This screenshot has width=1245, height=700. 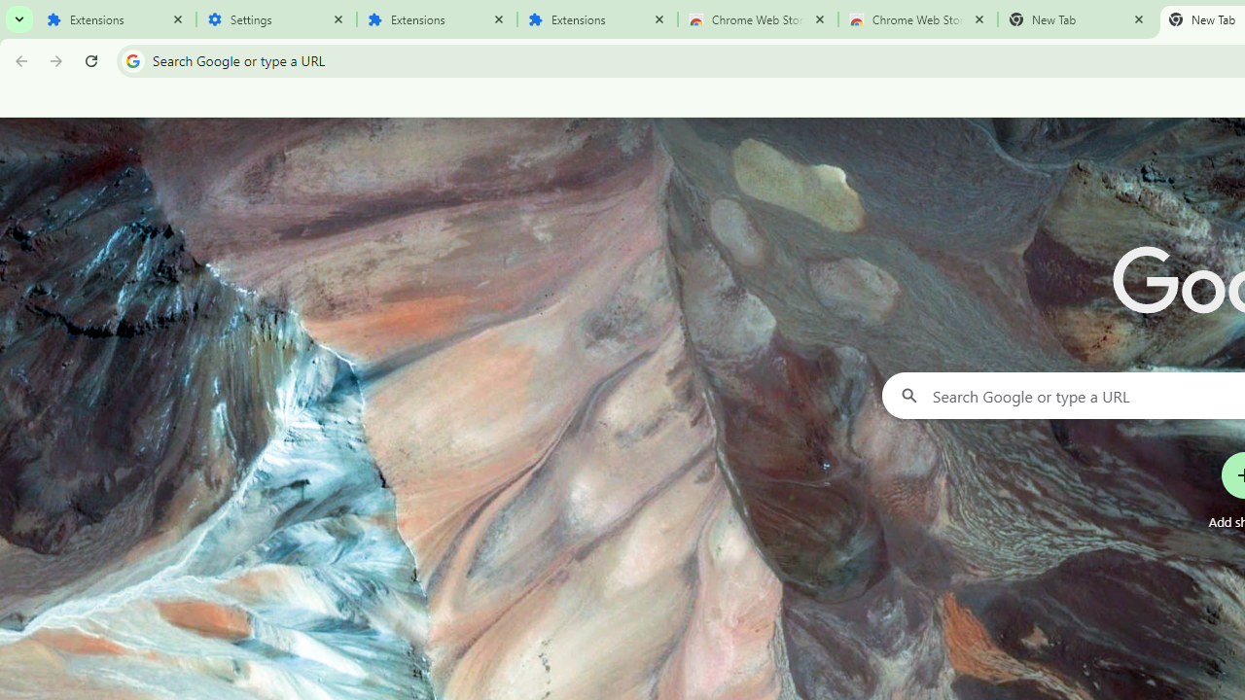 What do you see at coordinates (115, 19) in the screenshot?
I see `'Extensions'` at bounding box center [115, 19].